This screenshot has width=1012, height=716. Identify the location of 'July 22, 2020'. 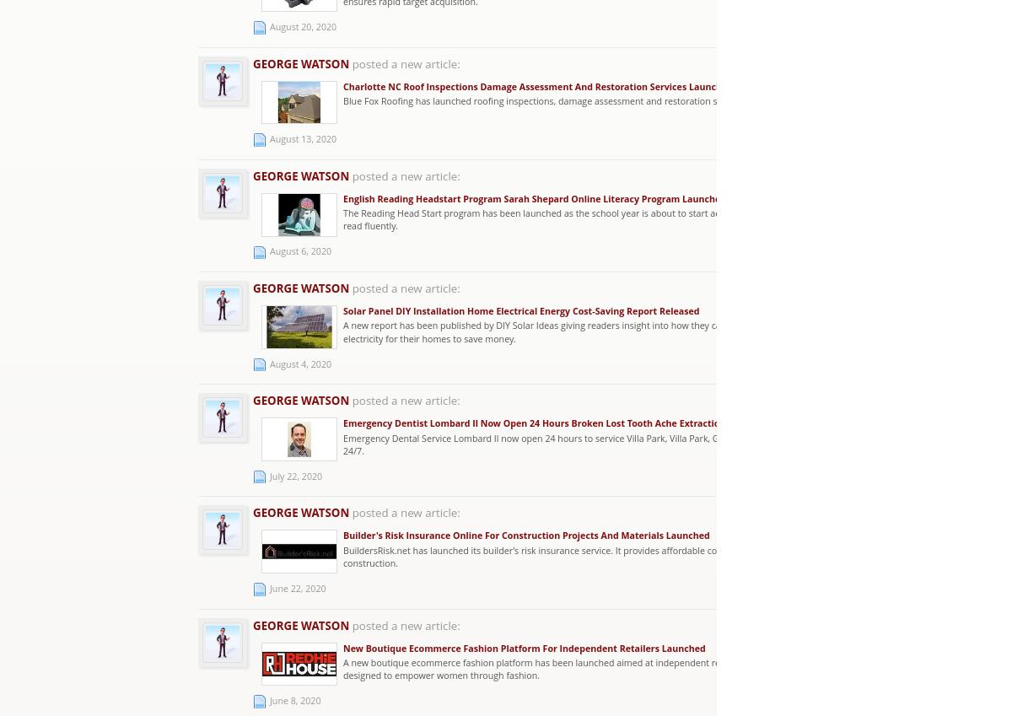
(270, 475).